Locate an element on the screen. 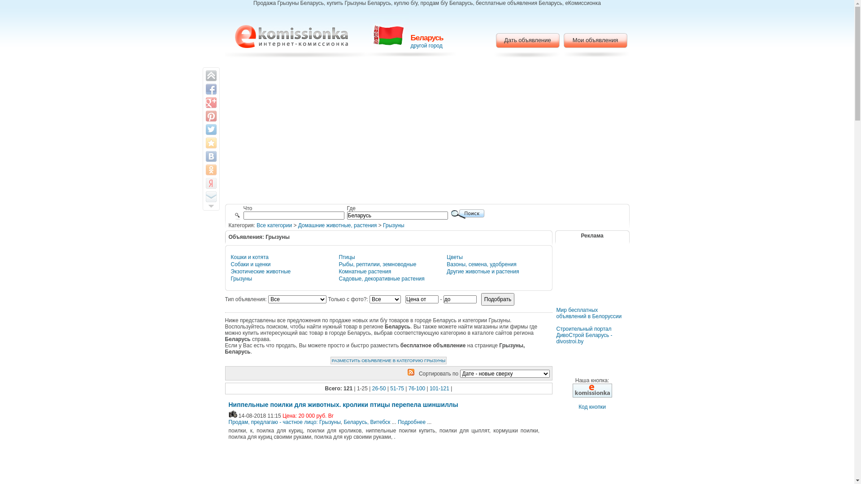 Image resolution: width=861 pixels, height=484 pixels. 'Share on Facebook' is located at coordinates (210, 89).